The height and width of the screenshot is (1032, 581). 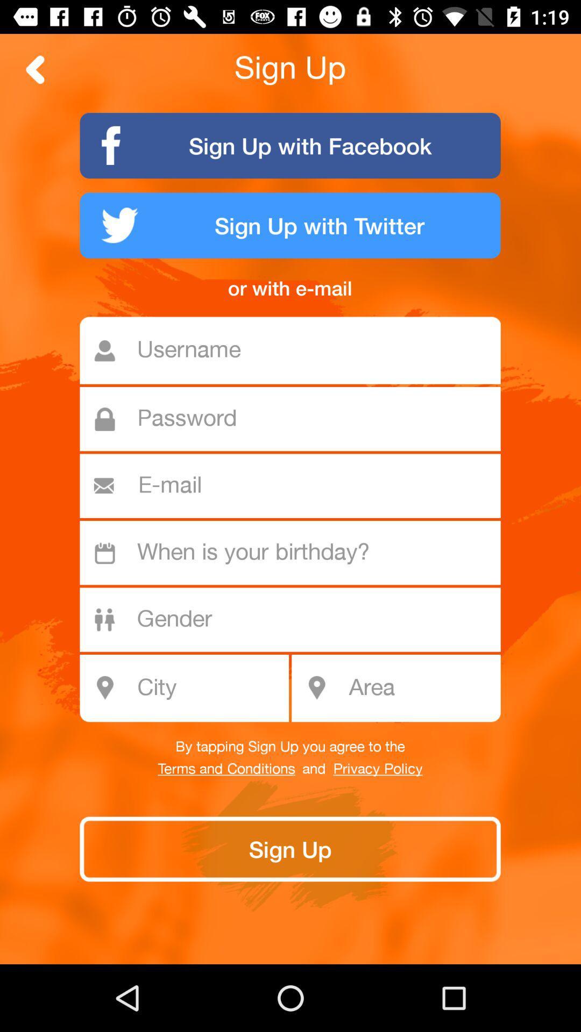 I want to click on icon to the right of the and, so click(x=377, y=769).